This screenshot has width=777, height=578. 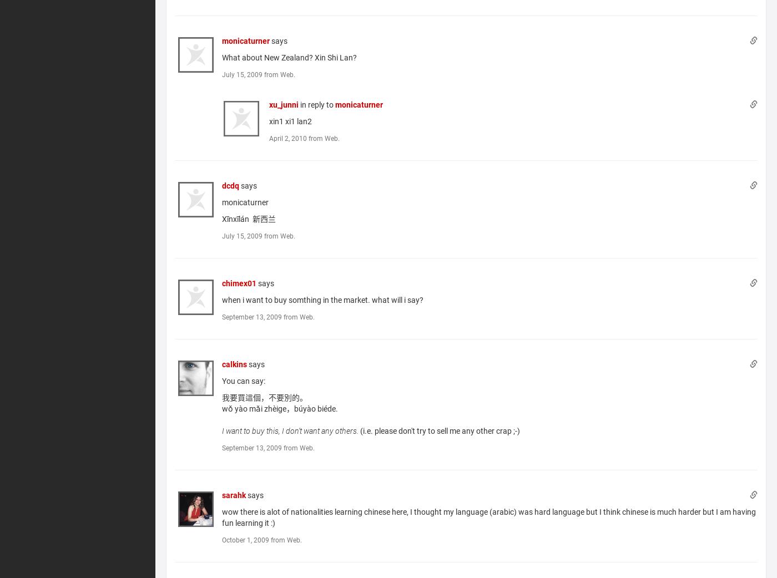 What do you see at coordinates (244, 380) in the screenshot?
I see `'You can say:'` at bounding box center [244, 380].